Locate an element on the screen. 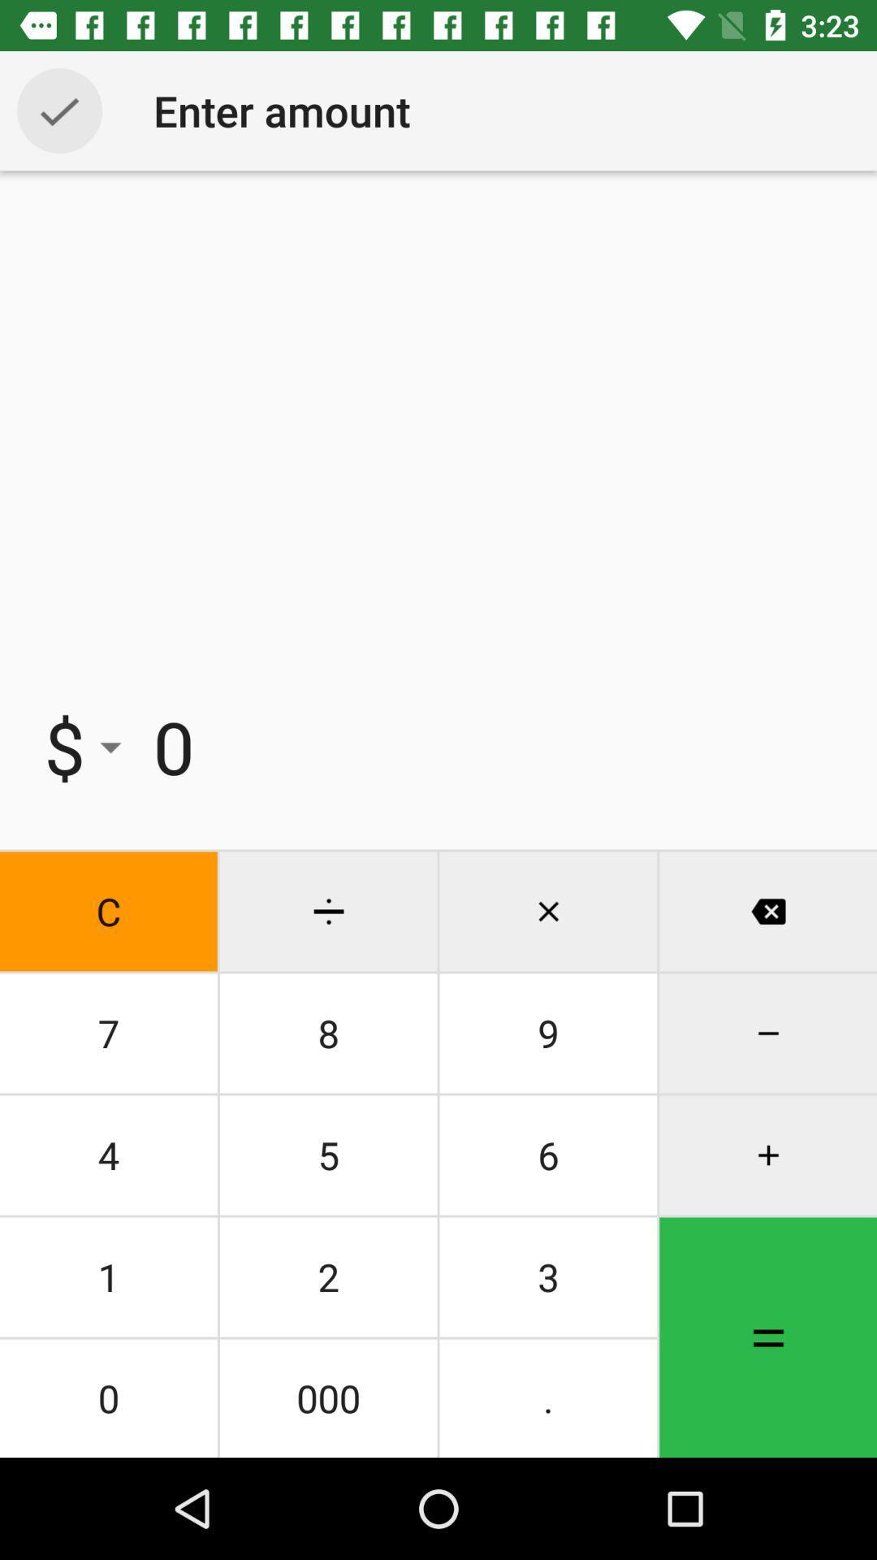 The width and height of the screenshot is (877, 1560). icon above the 0 is located at coordinates (328, 1276).